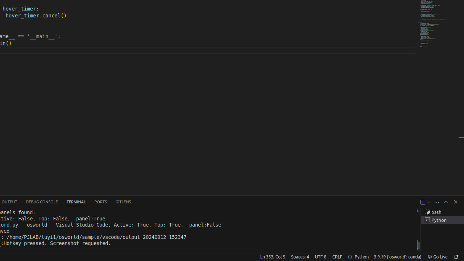 Image resolution: width=464 pixels, height=261 pixels. Describe the element at coordinates (442, 220) in the screenshot. I see `'Terminal 5 Python'` at that location.